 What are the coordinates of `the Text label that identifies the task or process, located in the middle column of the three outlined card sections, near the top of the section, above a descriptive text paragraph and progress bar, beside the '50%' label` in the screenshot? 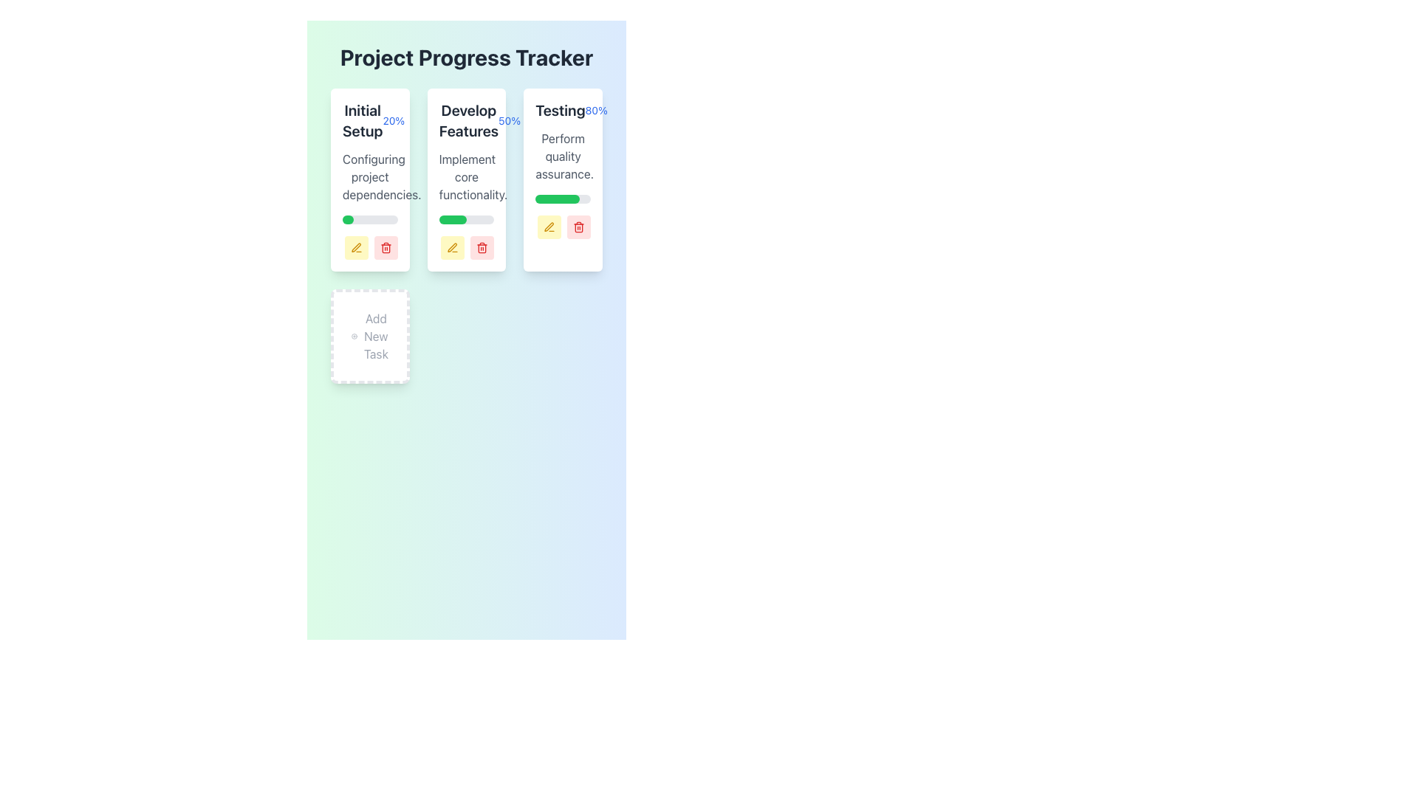 It's located at (467, 120).